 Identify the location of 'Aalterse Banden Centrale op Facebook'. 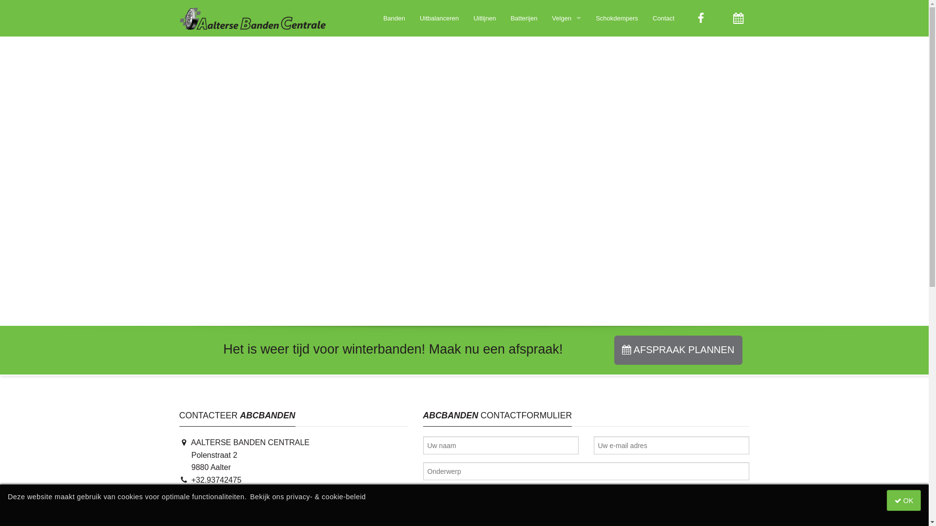
(700, 19).